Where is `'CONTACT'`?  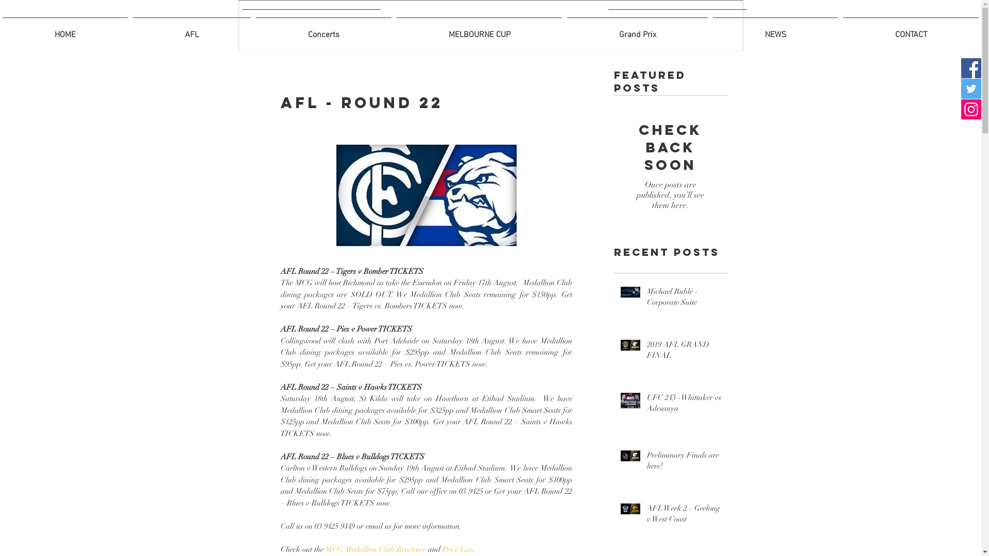
'CONTACT' is located at coordinates (911, 29).